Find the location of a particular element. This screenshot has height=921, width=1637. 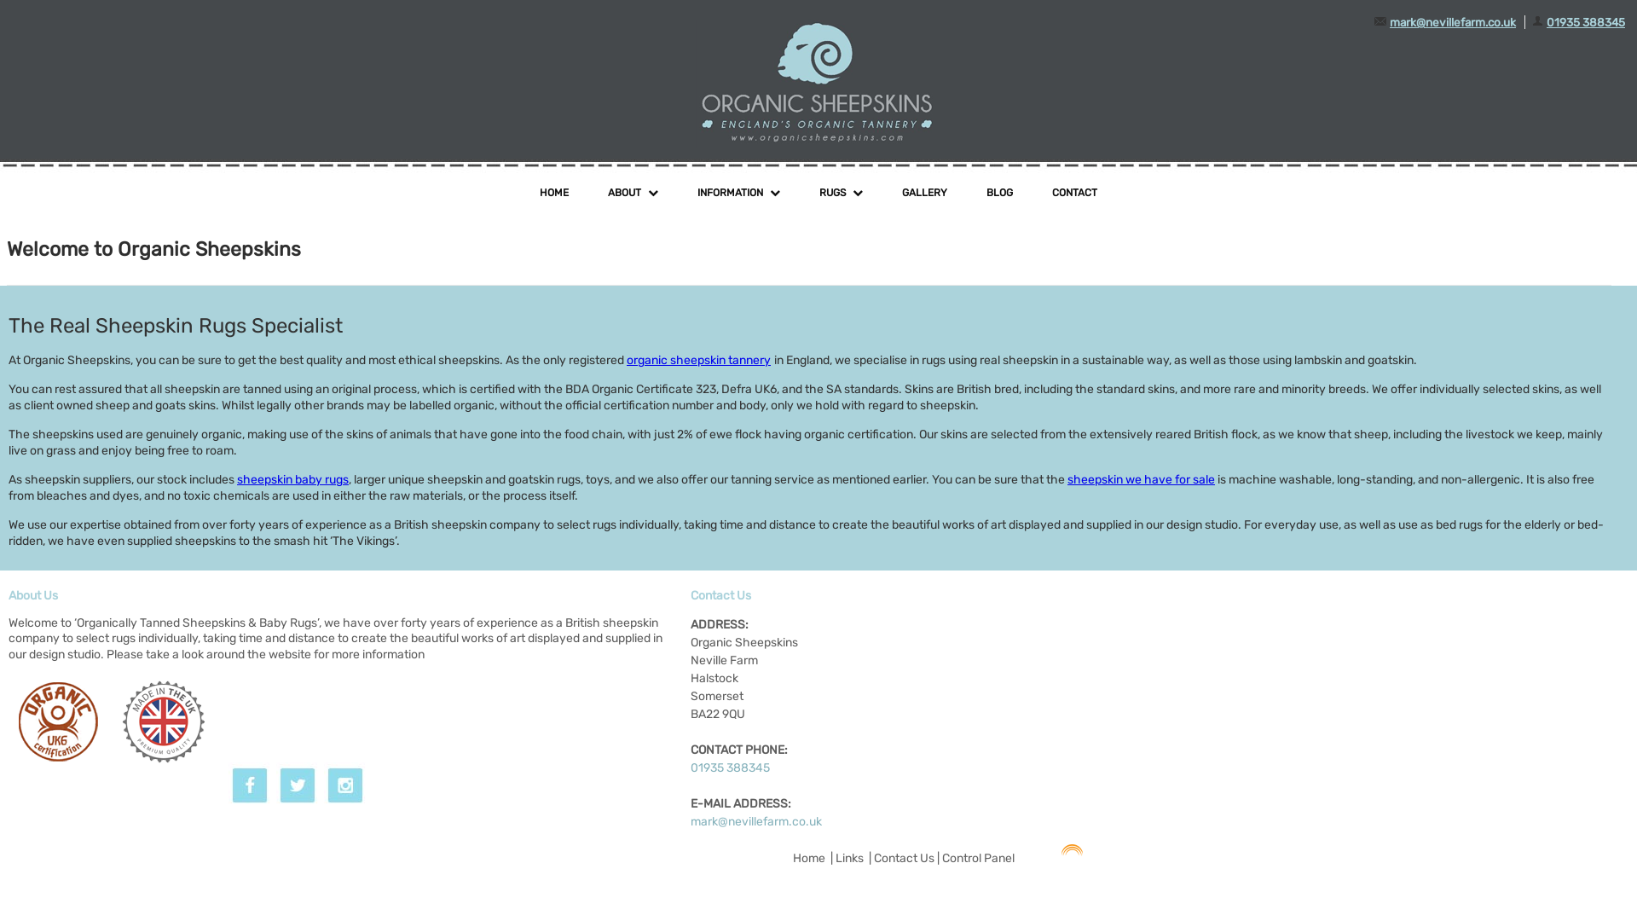

'CONTACT' is located at coordinates (1073, 192).